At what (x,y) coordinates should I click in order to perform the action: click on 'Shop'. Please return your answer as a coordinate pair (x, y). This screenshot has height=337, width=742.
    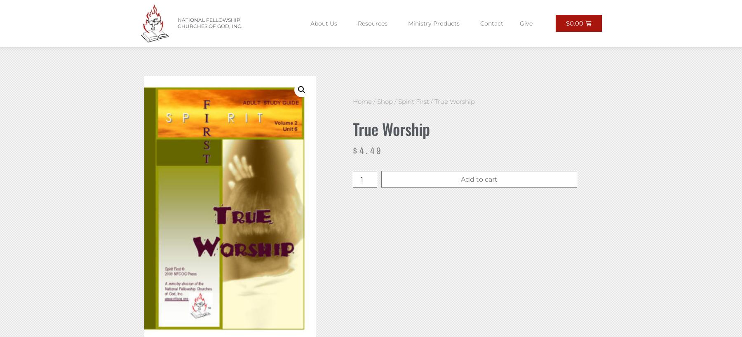
    Looking at the image, I should click on (385, 101).